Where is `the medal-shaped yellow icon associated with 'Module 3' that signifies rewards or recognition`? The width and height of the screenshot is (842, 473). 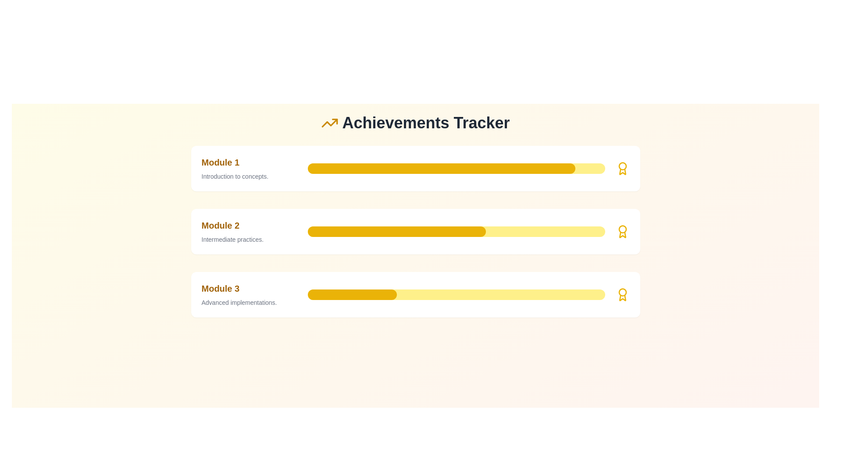
the medal-shaped yellow icon associated with 'Module 3' that signifies rewards or recognition is located at coordinates (622, 294).